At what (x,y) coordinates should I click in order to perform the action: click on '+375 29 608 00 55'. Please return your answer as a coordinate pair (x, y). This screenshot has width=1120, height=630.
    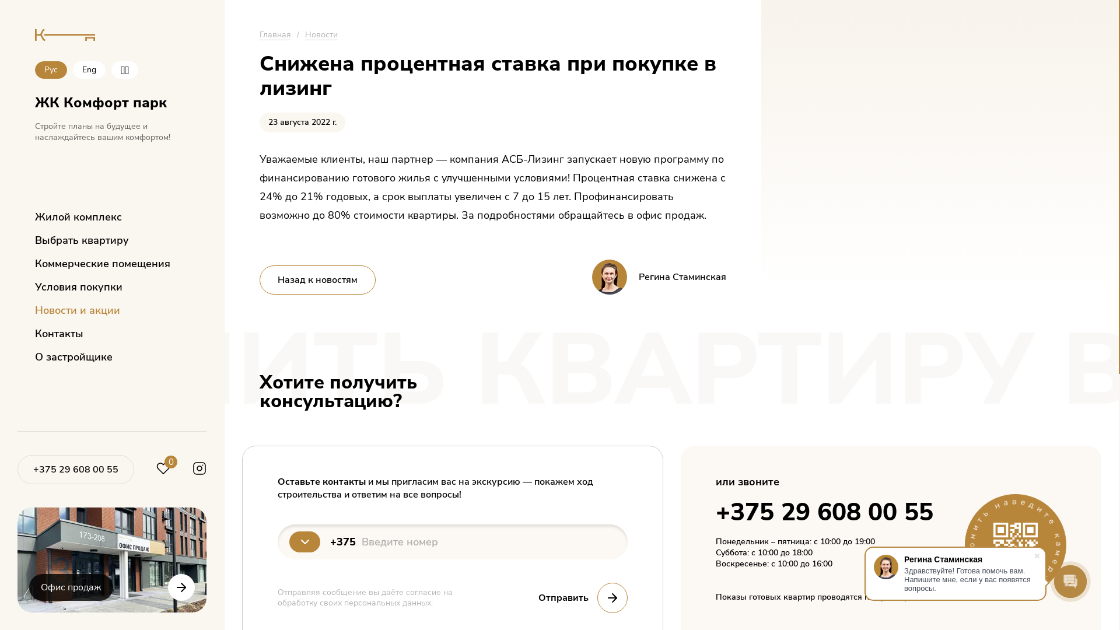
    Looking at the image, I should click on (823, 512).